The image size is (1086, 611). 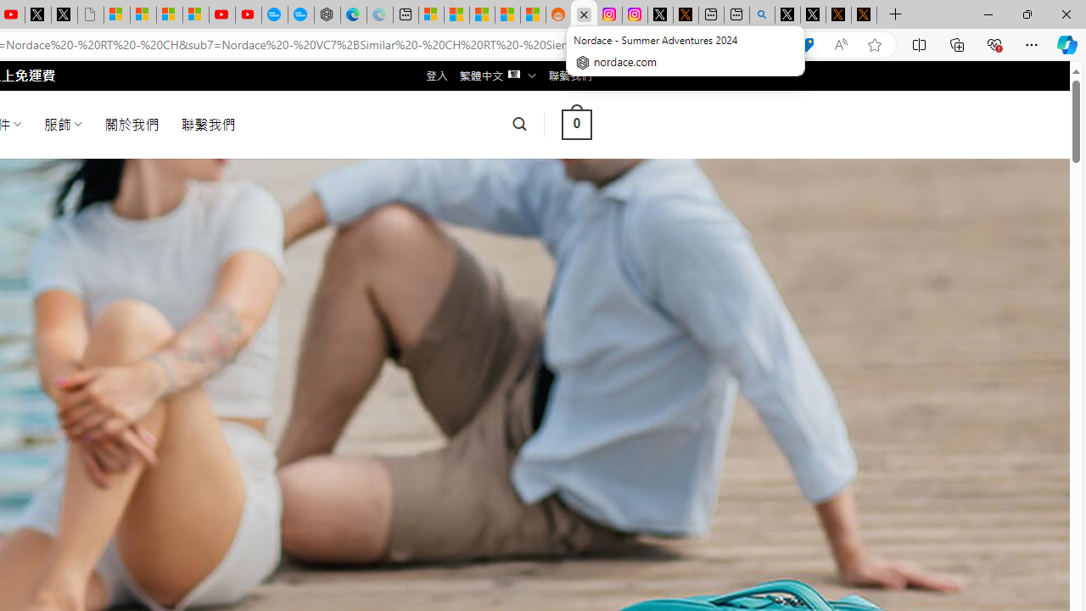 I want to click on 'Collections', so click(x=957, y=43).